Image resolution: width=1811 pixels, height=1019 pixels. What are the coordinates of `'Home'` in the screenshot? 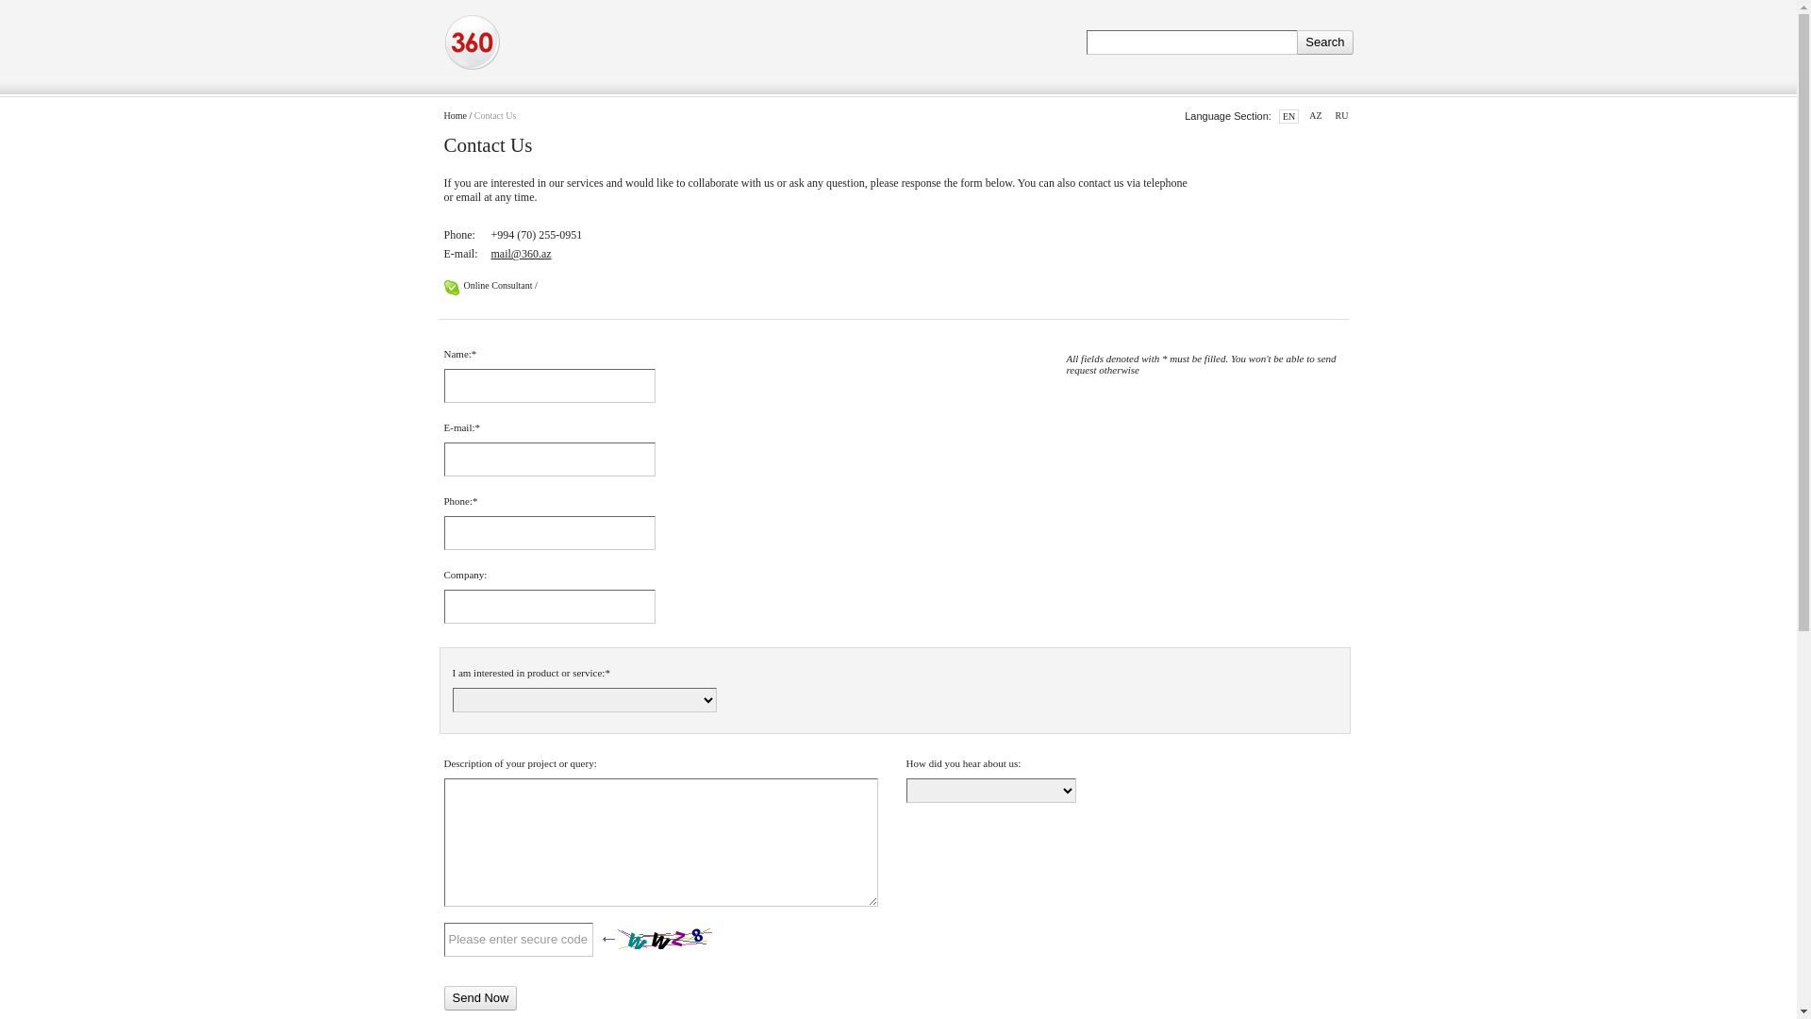 It's located at (454, 115).